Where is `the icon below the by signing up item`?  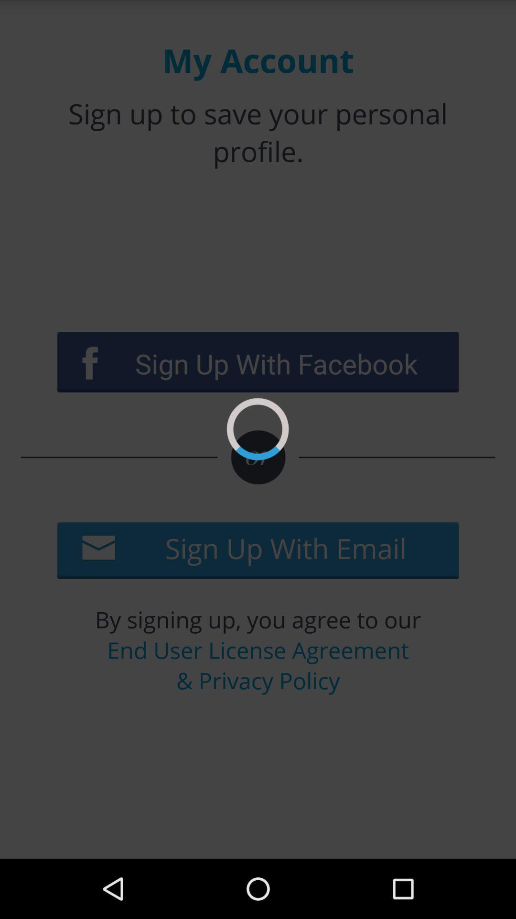
the icon below the by signing up item is located at coordinates (258, 664).